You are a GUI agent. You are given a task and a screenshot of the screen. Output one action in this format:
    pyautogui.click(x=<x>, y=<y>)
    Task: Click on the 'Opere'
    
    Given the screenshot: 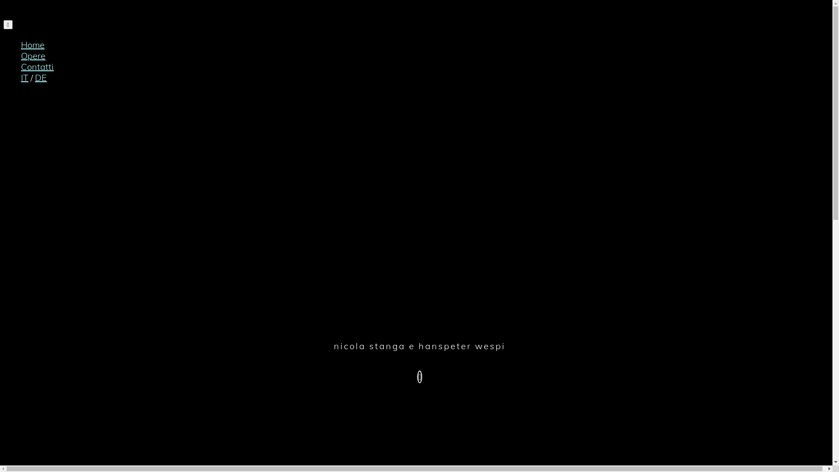 What is the action you would take?
    pyautogui.click(x=21, y=56)
    